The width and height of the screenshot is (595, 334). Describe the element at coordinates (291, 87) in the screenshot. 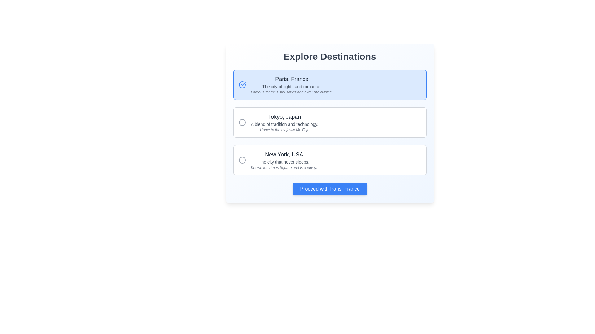

I see `the static text stating 'The city of lights and romance', which is located beneath the 'Paris, France' headline in the option card` at that location.